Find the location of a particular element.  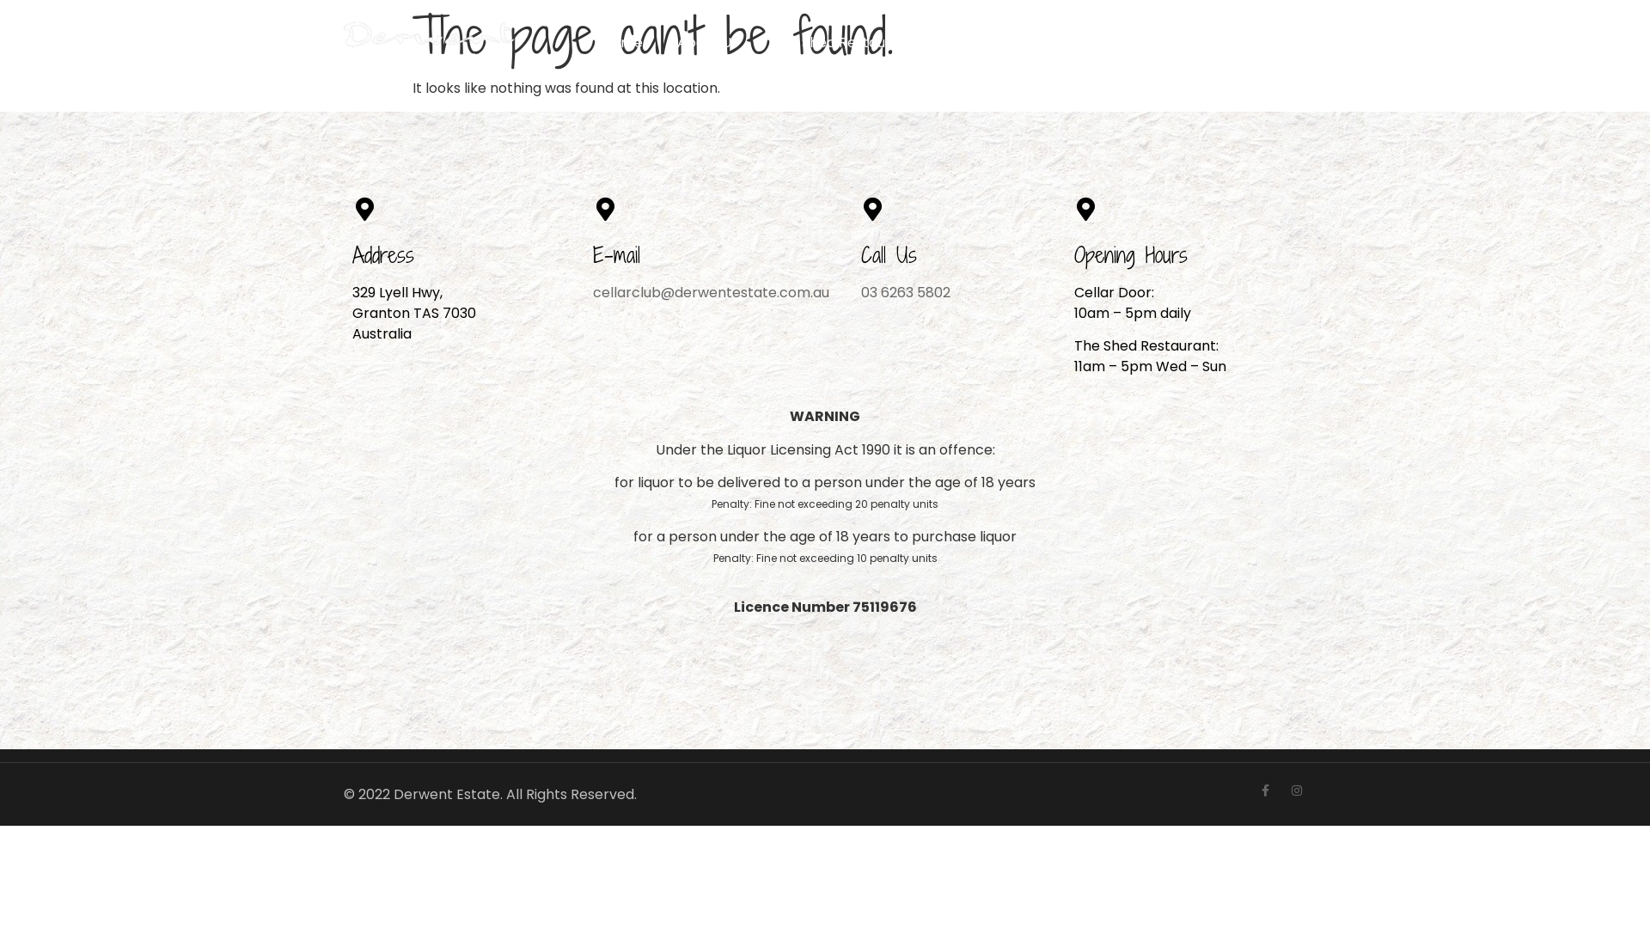

'Login' is located at coordinates (1276, 42).